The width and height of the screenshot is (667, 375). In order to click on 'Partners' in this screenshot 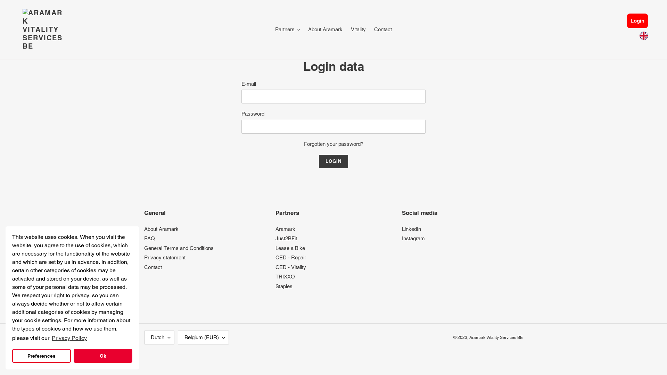, I will do `click(288, 29)`.